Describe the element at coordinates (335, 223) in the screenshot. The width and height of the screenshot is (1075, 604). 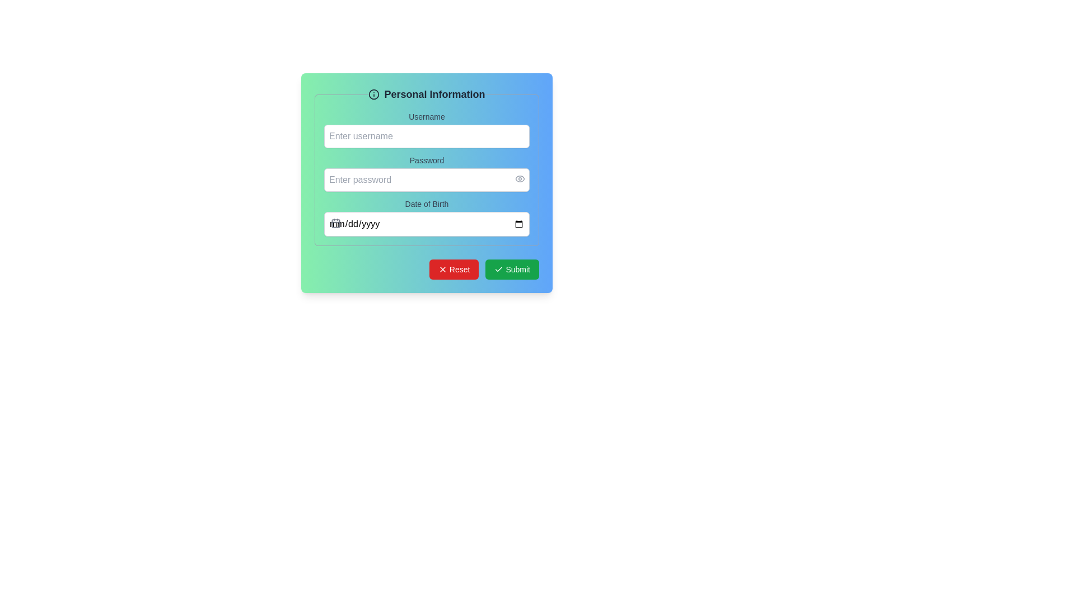
I see `the date selection icon located on the left side of the 'Date of Birth' input field, which is aligned vertically centered and slightly offset to the left` at that location.